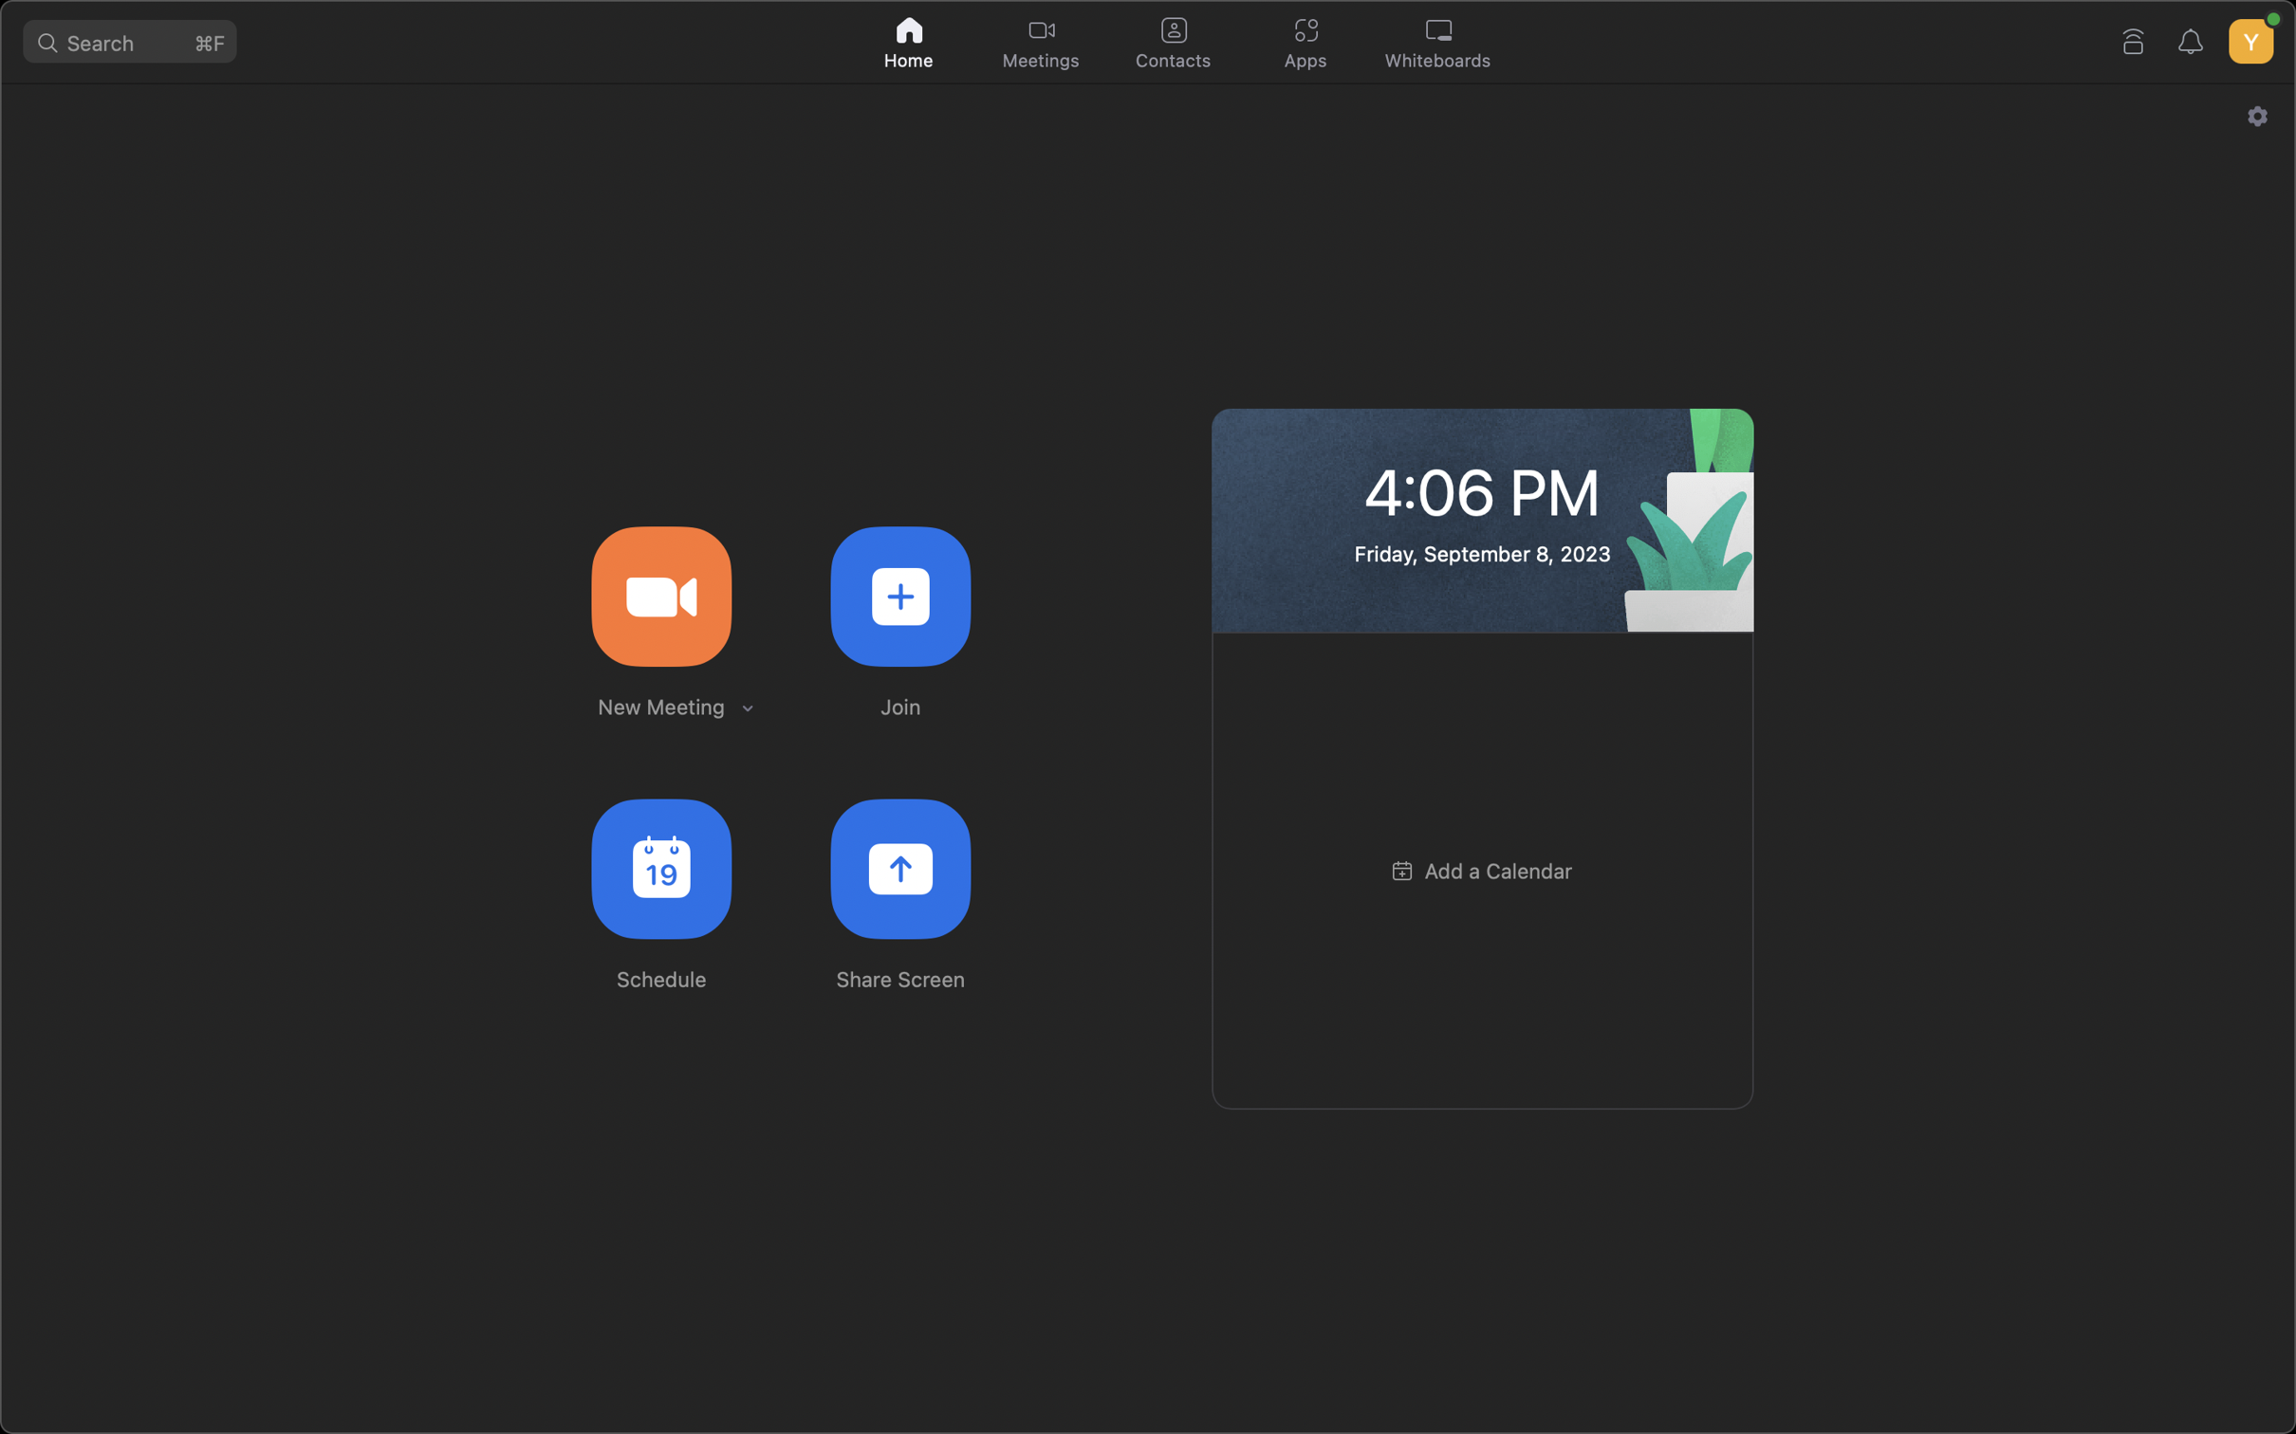 The width and height of the screenshot is (2296, 1434). Describe the element at coordinates (899, 594) in the screenshot. I see `a group call by providing the meeting ID 123456789` at that location.